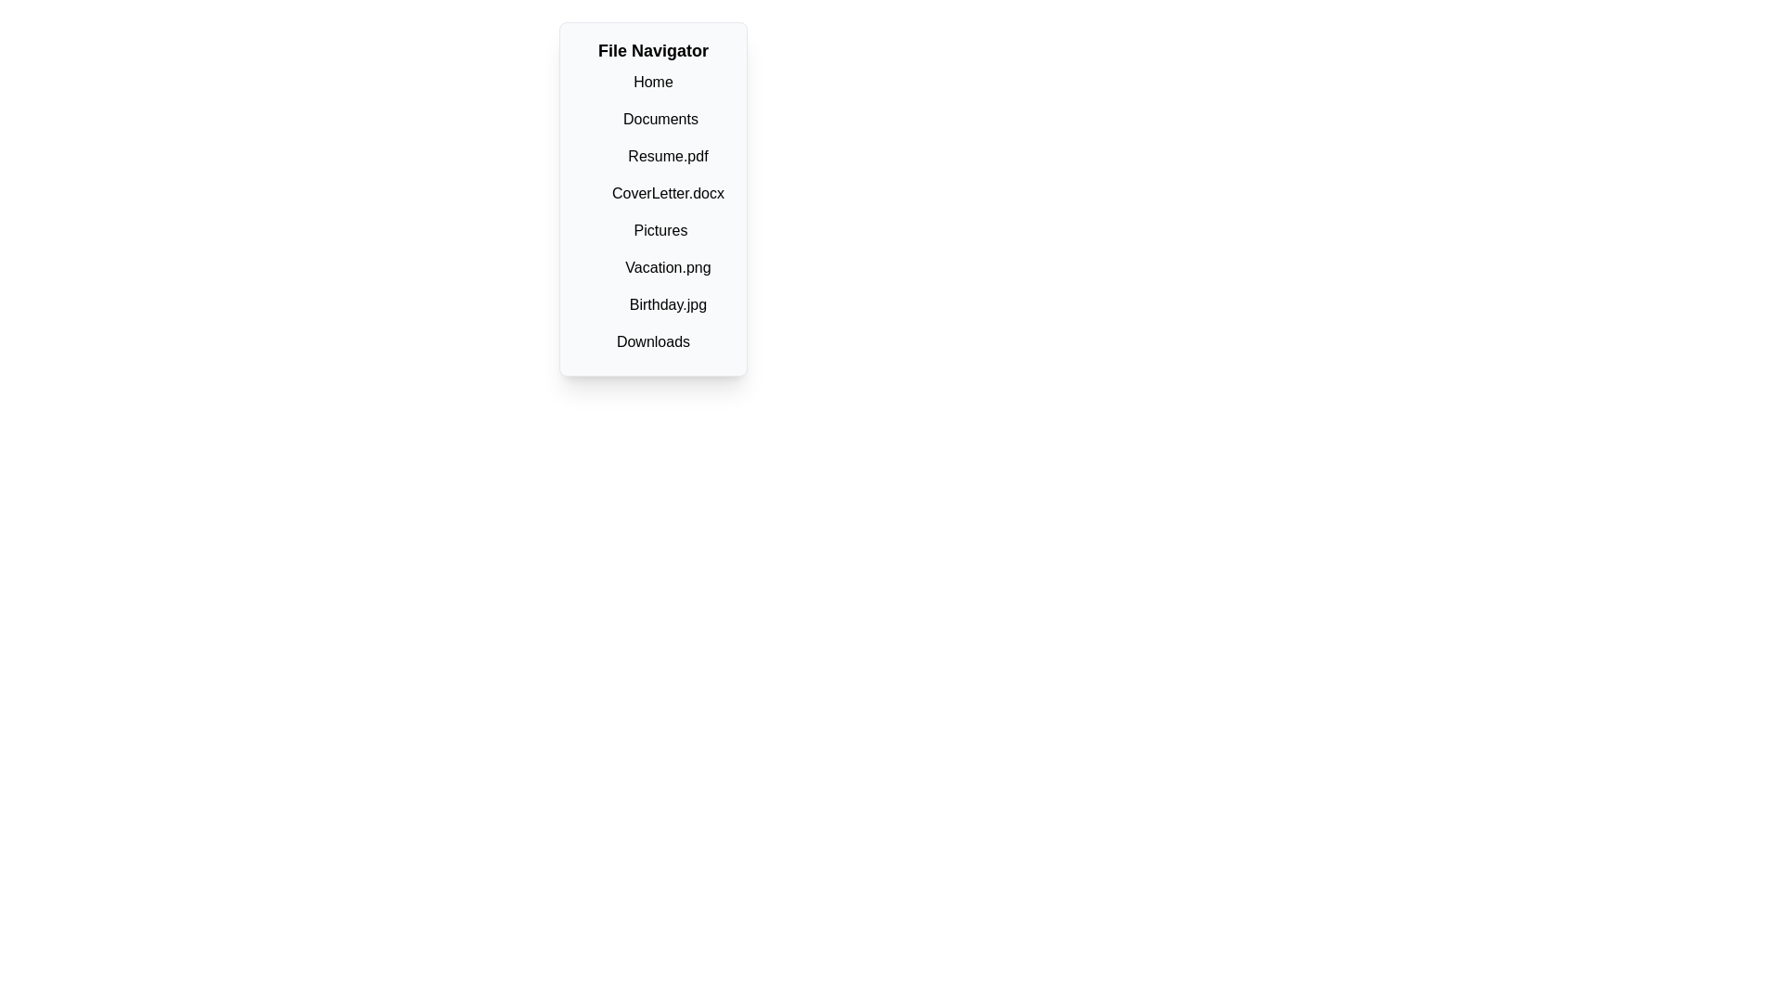  Describe the element at coordinates (668, 193) in the screenshot. I see `the text label displaying the filename 'CoverLetter.docx'` at that location.